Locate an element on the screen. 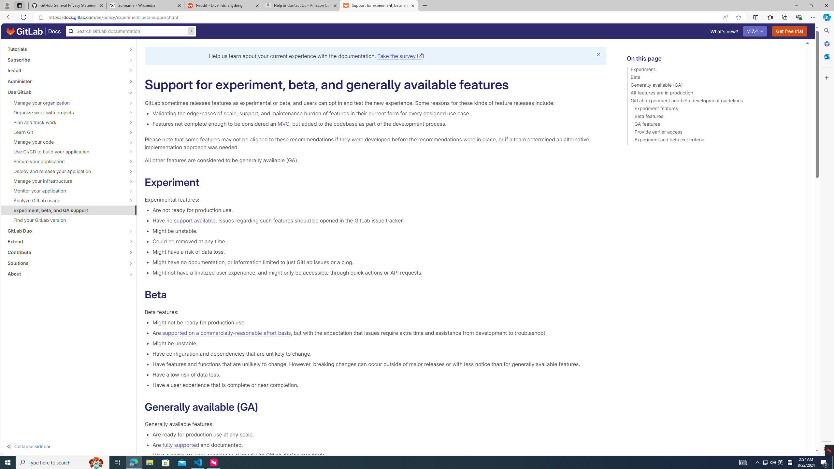 The image size is (834, 469). 'What' is located at coordinates (724, 31).